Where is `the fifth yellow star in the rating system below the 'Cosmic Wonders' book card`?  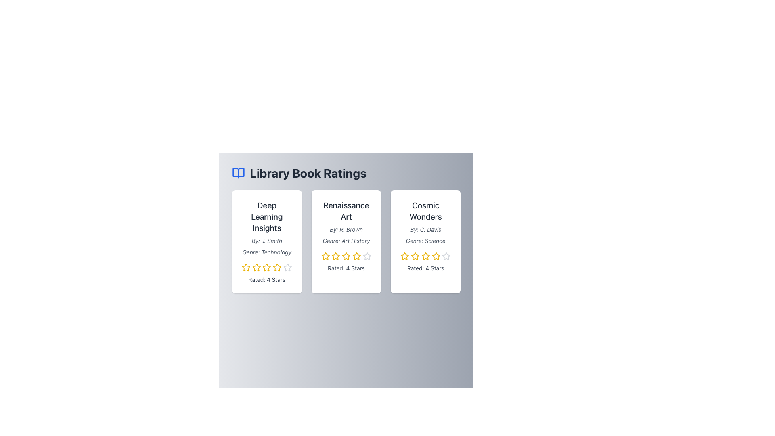
the fifth yellow star in the rating system below the 'Cosmic Wonders' book card is located at coordinates (436, 256).